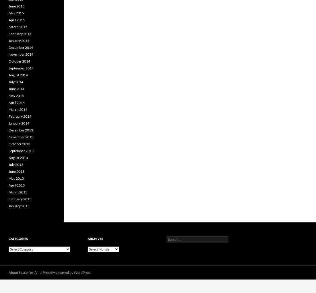 This screenshot has height=293, width=316. What do you see at coordinates (8, 171) in the screenshot?
I see `'June 2013'` at bounding box center [8, 171].